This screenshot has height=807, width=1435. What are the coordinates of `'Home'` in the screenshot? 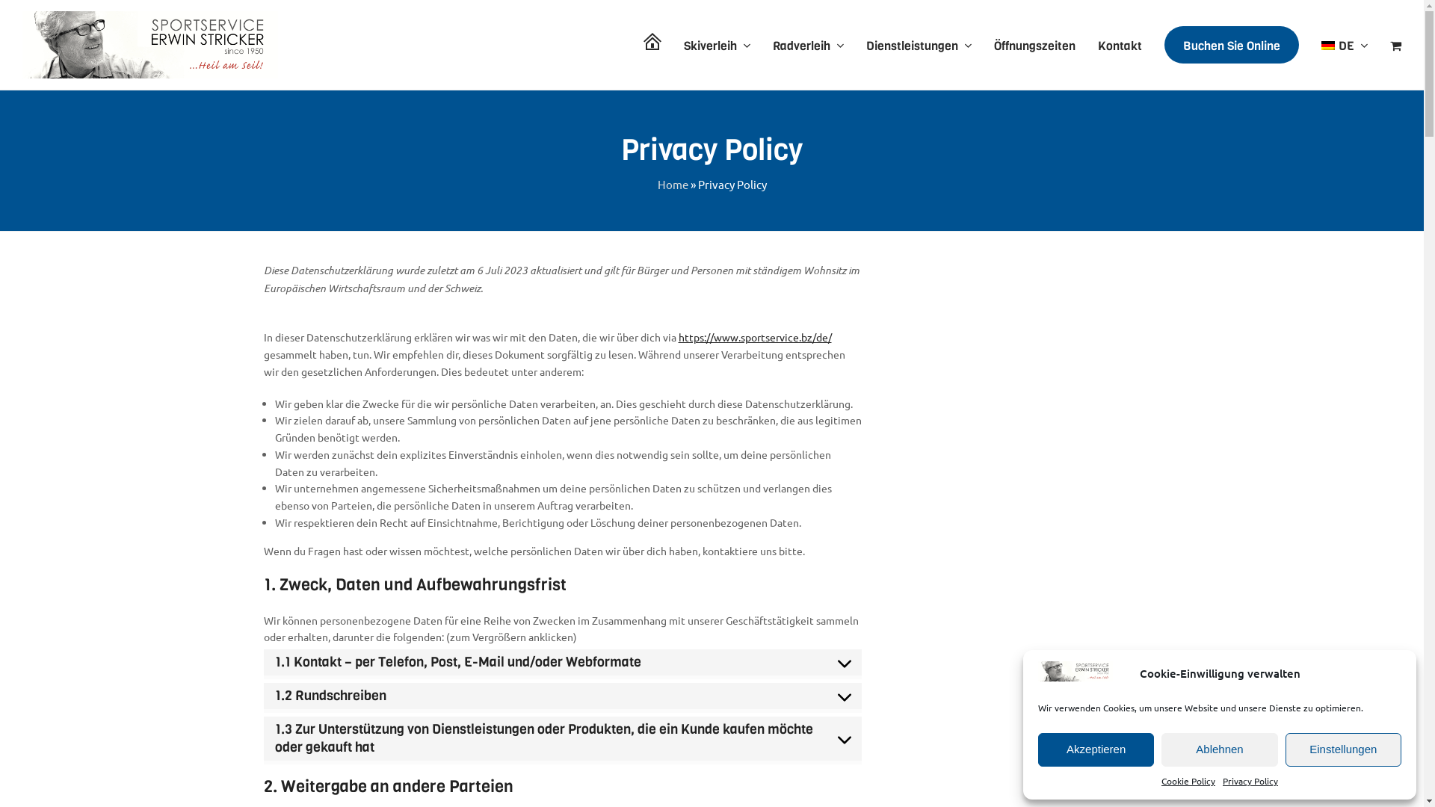 It's located at (657, 183).